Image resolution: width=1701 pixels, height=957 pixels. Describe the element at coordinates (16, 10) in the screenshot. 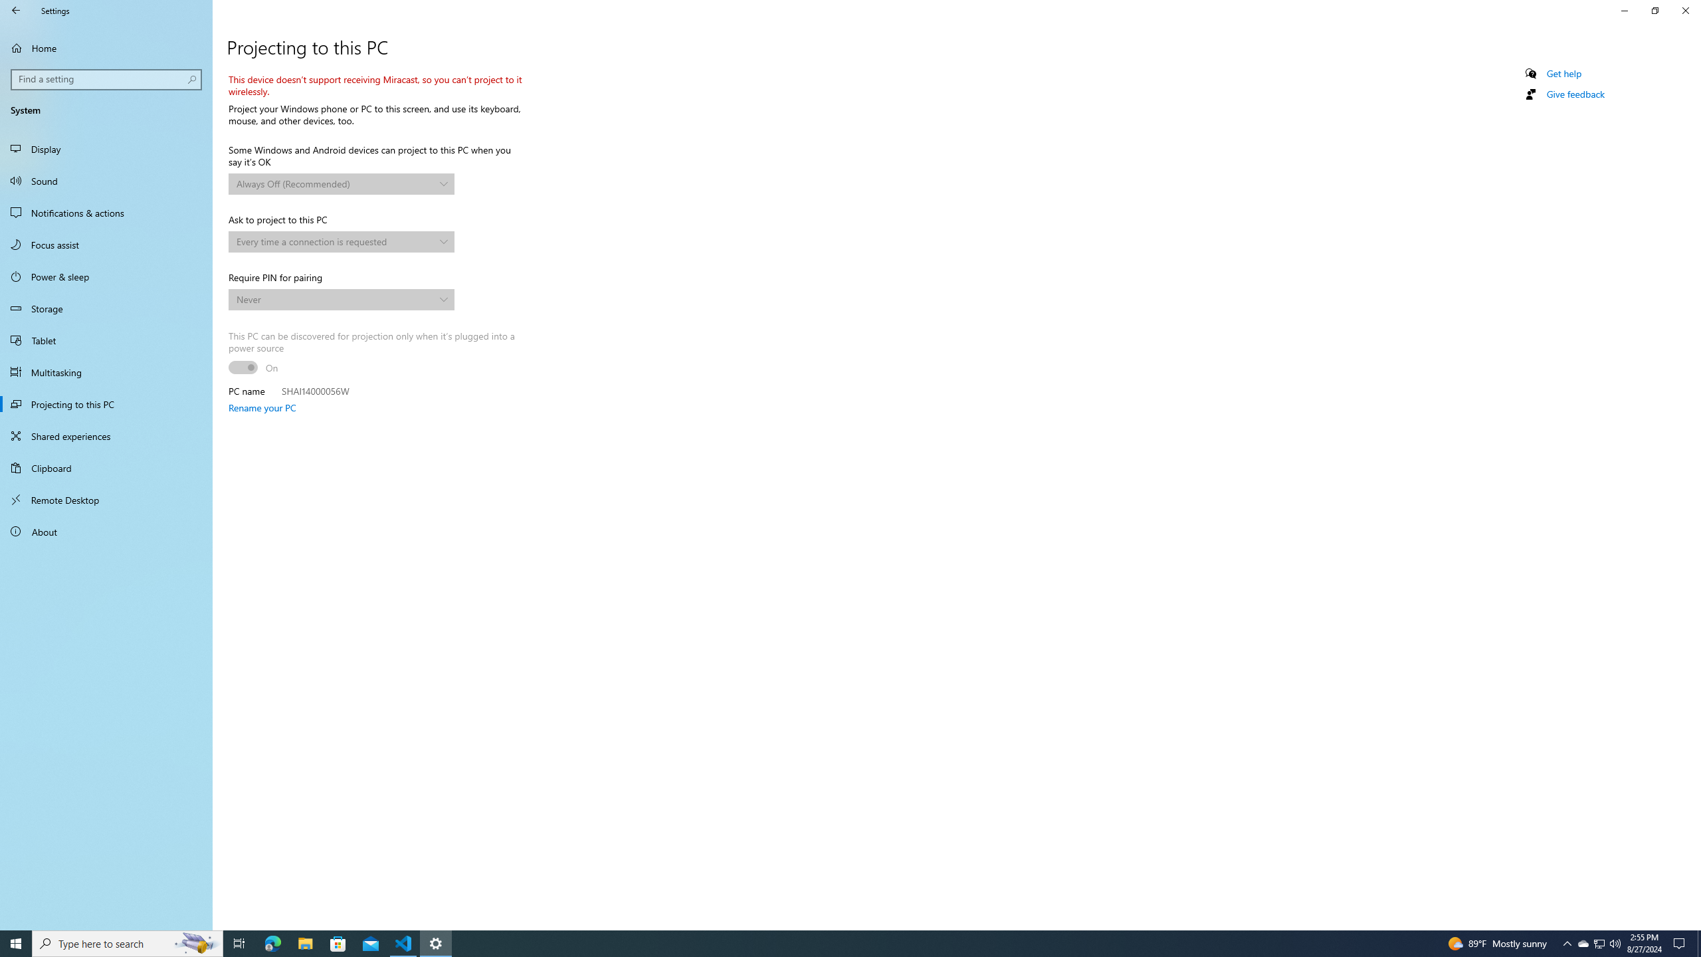

I see `'Back'` at that location.